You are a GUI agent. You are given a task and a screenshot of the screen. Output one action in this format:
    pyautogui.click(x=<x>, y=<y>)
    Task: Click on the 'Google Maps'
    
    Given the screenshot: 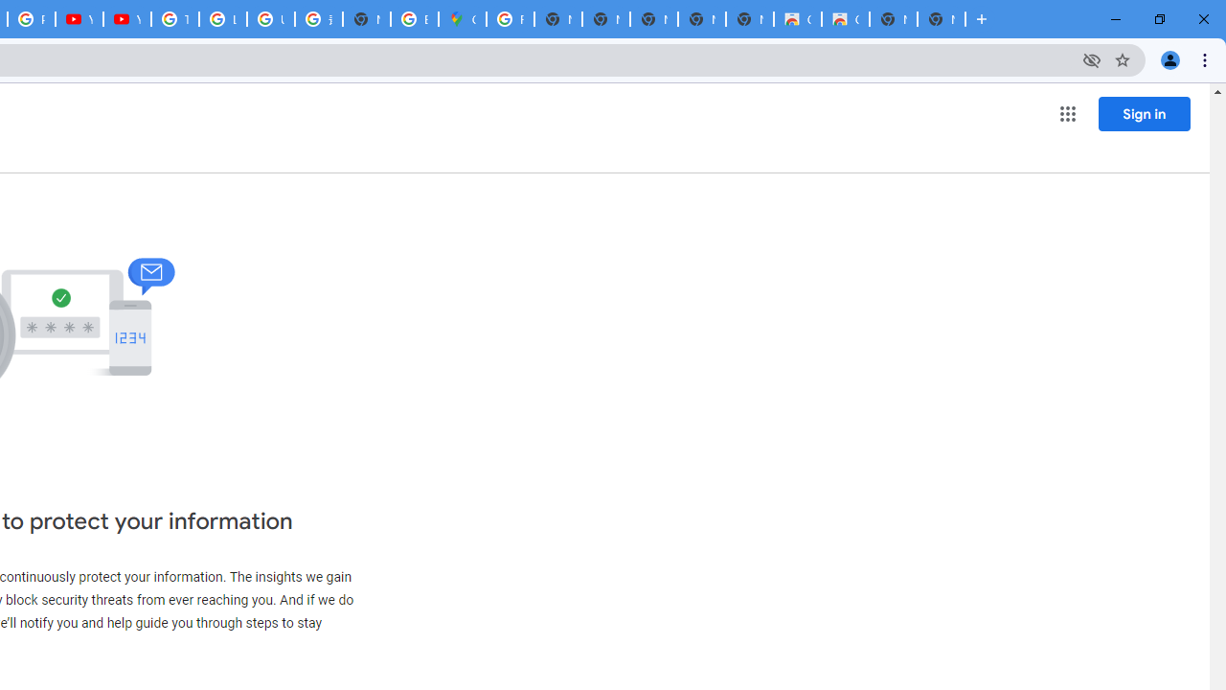 What is the action you would take?
    pyautogui.click(x=463, y=19)
    